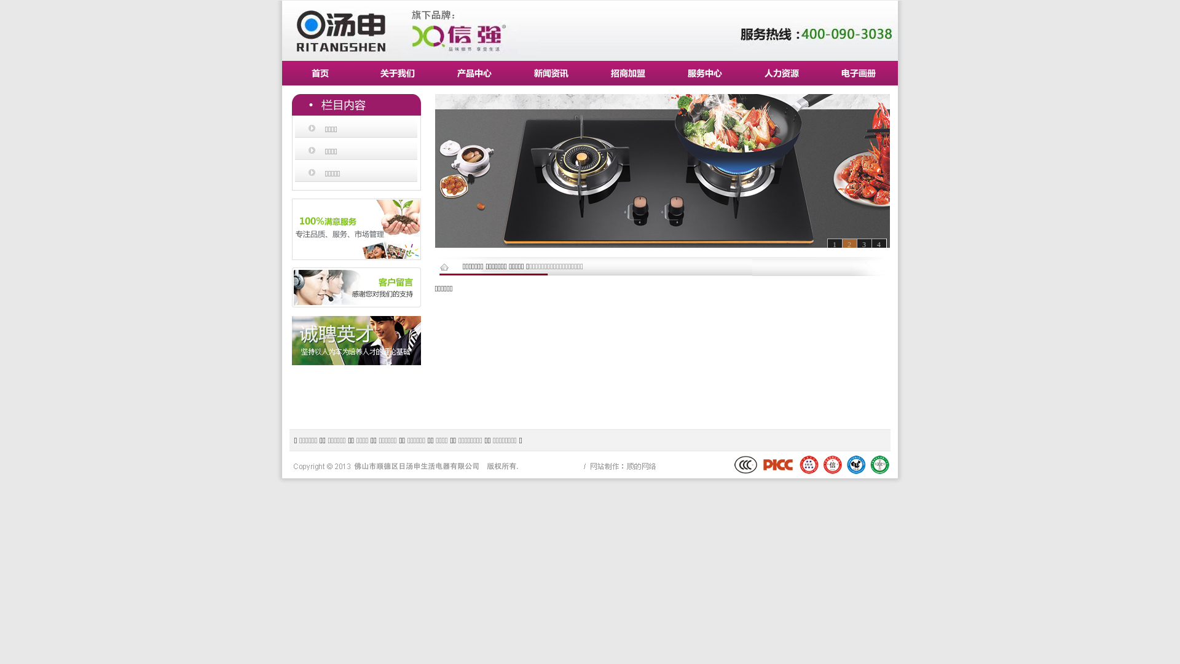 This screenshot has width=1180, height=664. Describe the element at coordinates (849, 244) in the screenshot. I see `'2'` at that location.